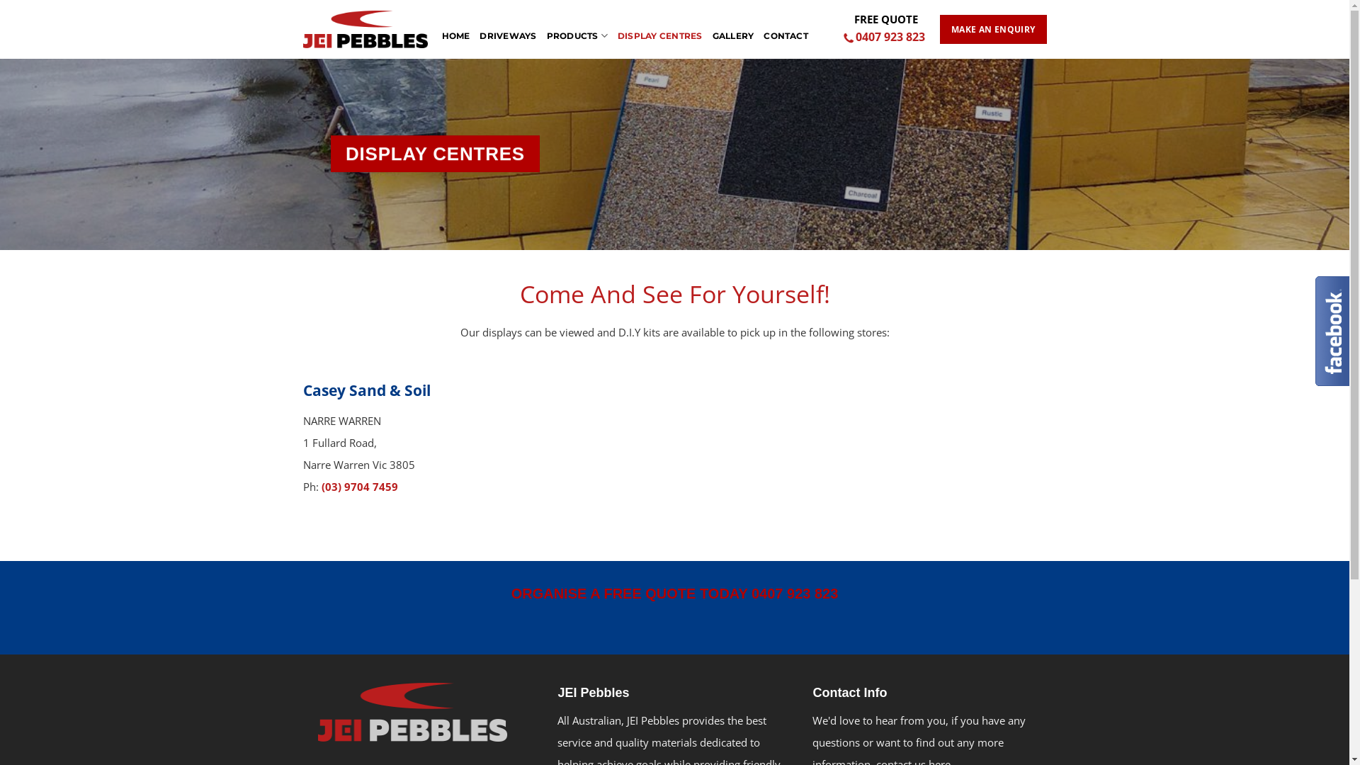 This screenshot has width=1360, height=765. I want to click on 'DRIVEWAYS', so click(507, 28).